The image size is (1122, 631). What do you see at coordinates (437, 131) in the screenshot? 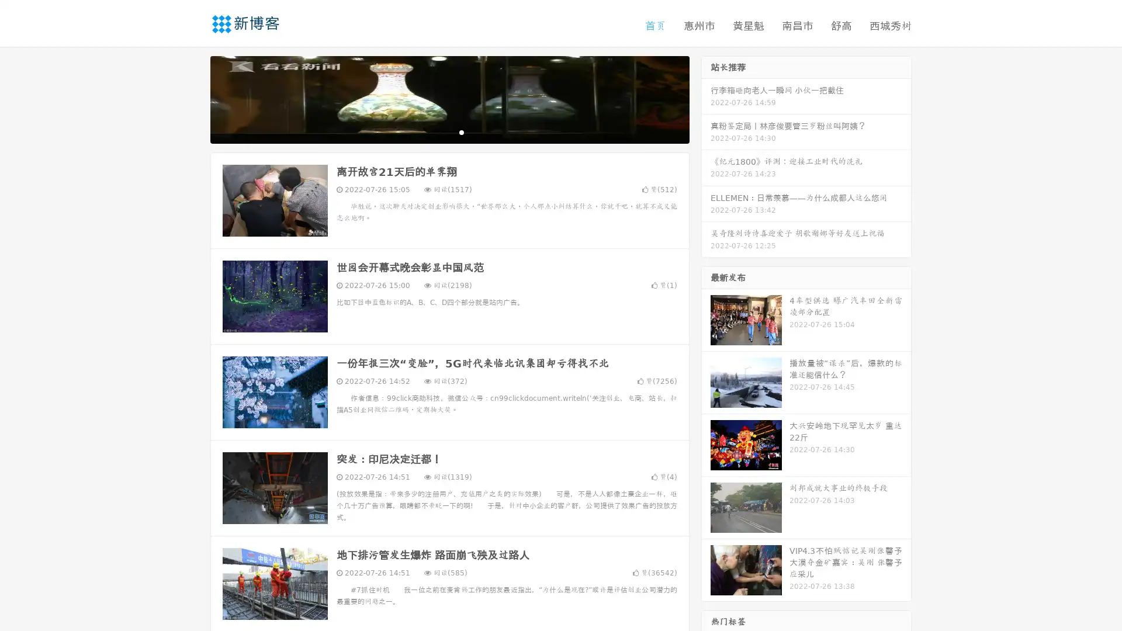
I see `Go to slide 1` at bounding box center [437, 131].